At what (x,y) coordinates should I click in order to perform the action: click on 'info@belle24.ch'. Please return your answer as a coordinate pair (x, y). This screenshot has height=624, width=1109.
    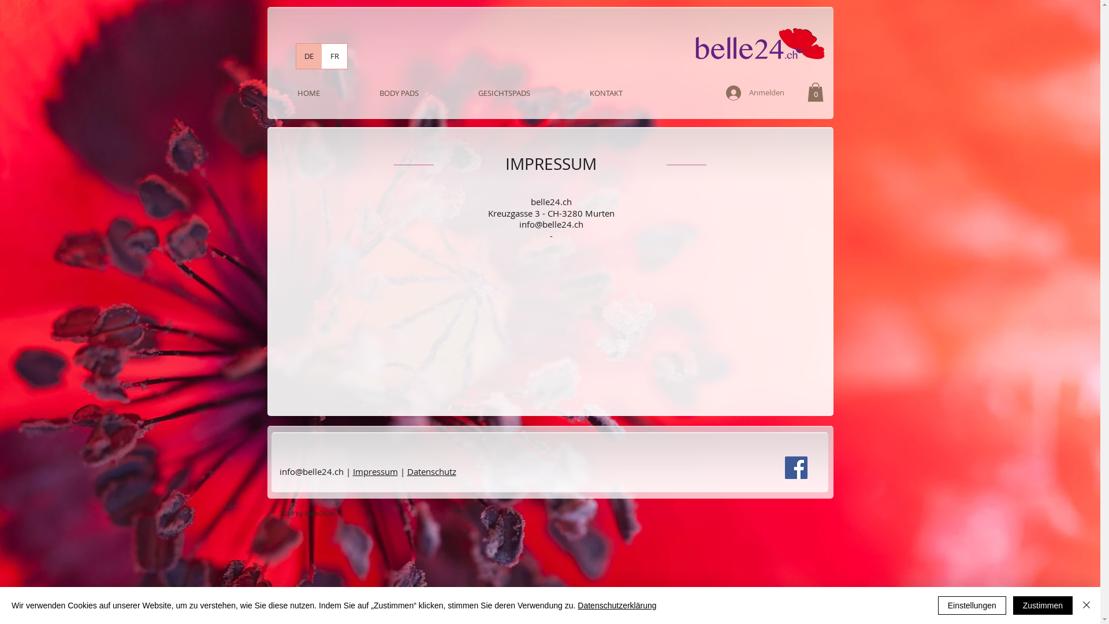
    Looking at the image, I should click on (550, 224).